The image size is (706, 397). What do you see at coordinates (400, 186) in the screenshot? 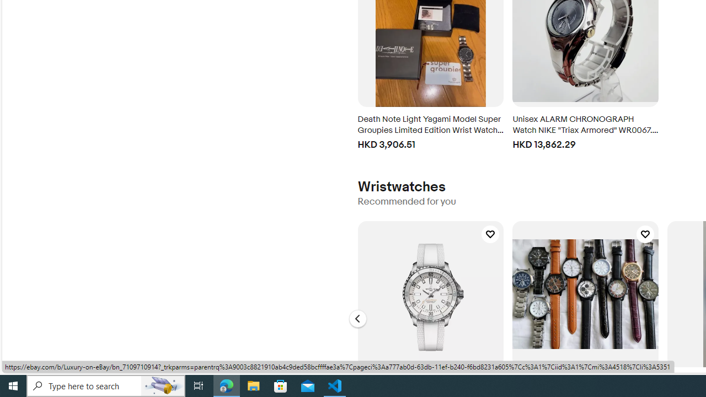
I see `'Wristwatches'` at bounding box center [400, 186].